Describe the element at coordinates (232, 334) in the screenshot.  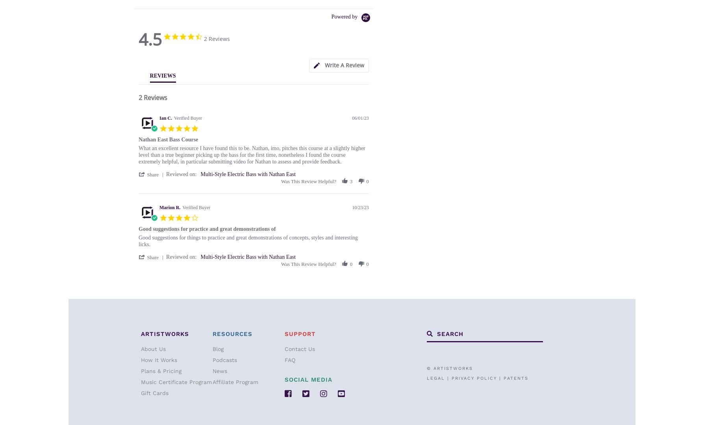
I see `'Resources'` at that location.